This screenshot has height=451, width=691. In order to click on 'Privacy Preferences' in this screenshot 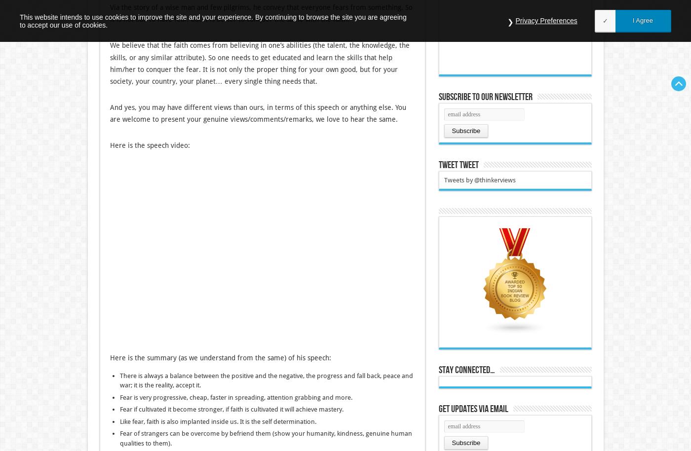, I will do `click(546, 20)`.